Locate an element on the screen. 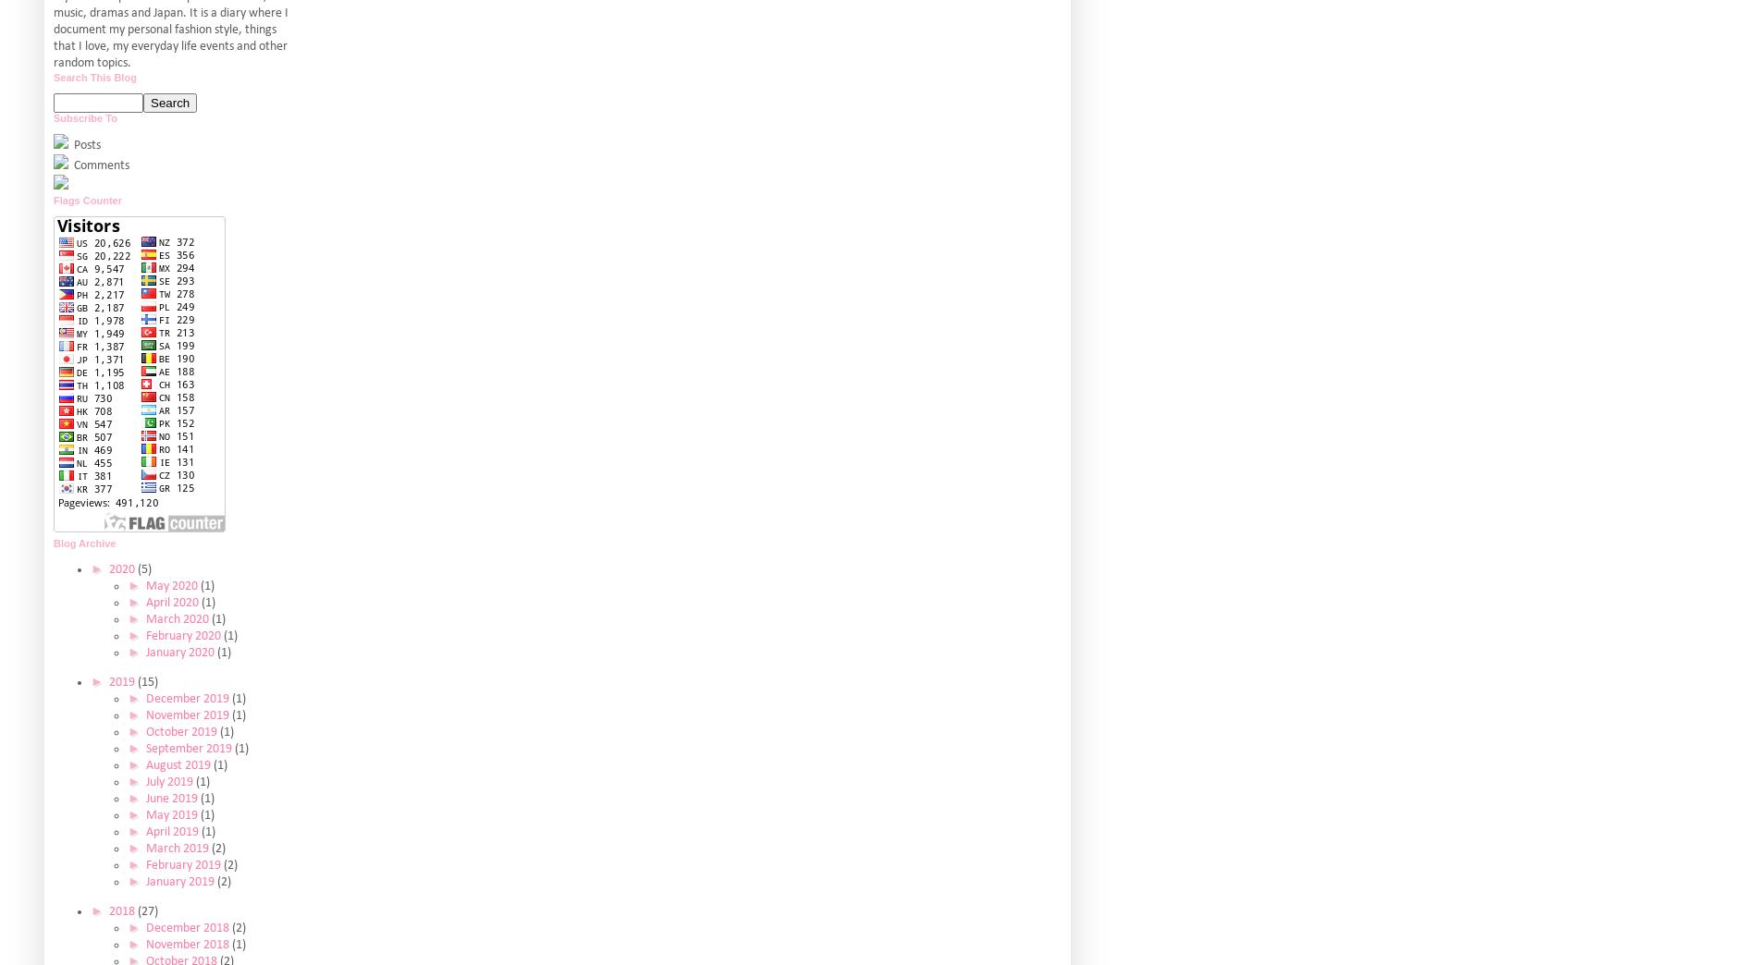 The image size is (1755, 965). 'September 2019' is located at coordinates (188, 747).